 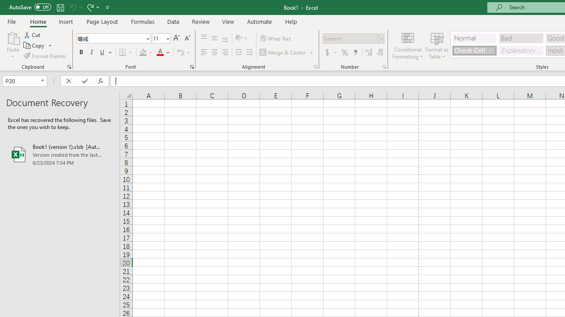 What do you see at coordinates (353, 38) in the screenshot?
I see `'Number Format'` at bounding box center [353, 38].